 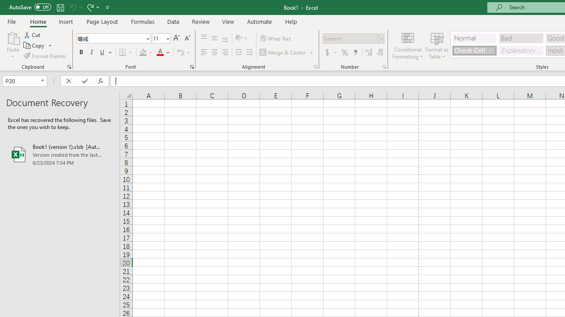 What do you see at coordinates (353, 38) in the screenshot?
I see `'Number Format'` at bounding box center [353, 38].